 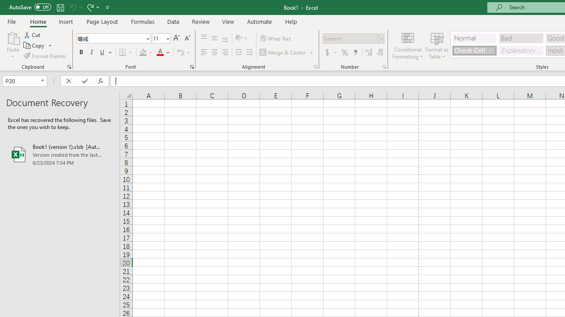 What do you see at coordinates (353, 38) in the screenshot?
I see `'Number Format'` at bounding box center [353, 38].